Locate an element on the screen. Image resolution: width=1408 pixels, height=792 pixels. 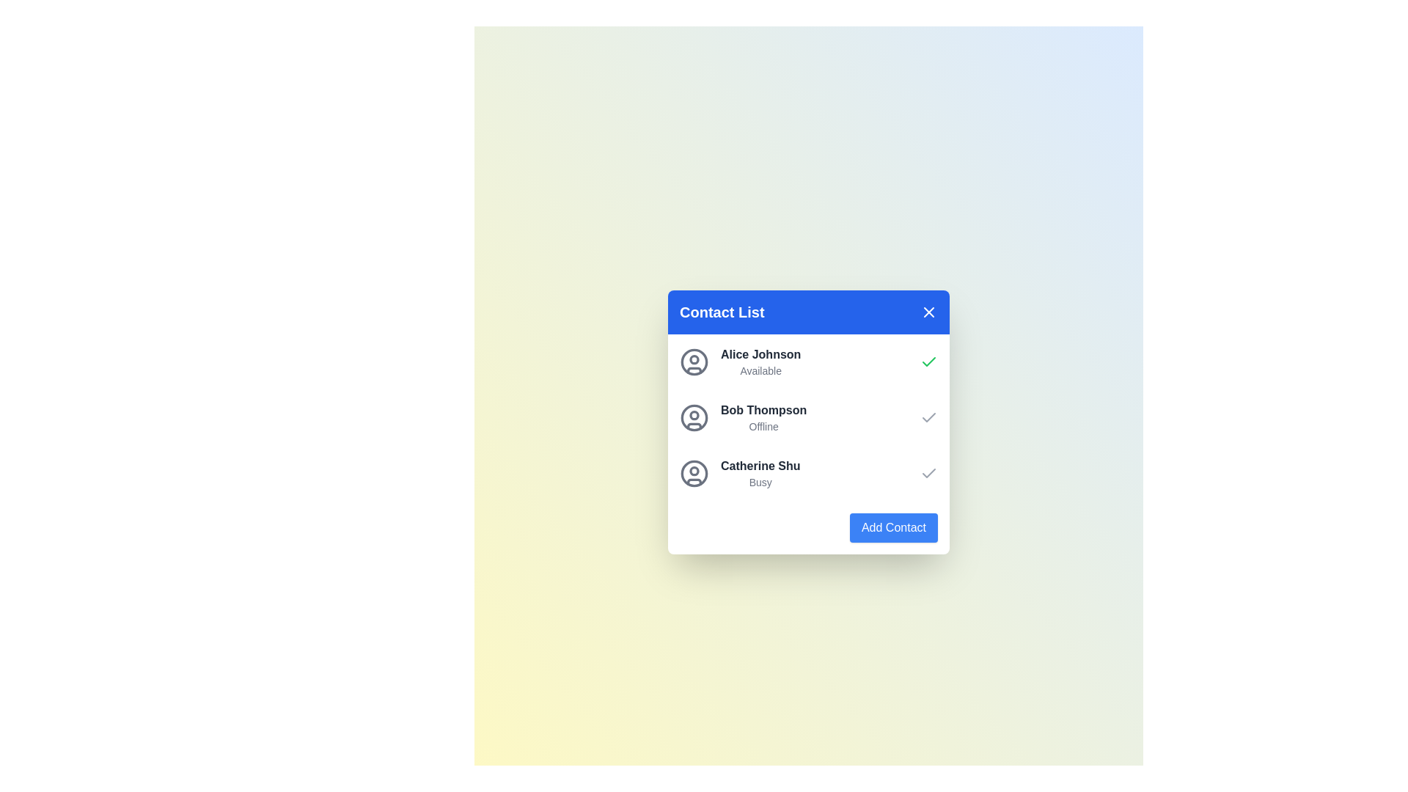
close button to dismiss the contact list dialog is located at coordinates (928, 311).